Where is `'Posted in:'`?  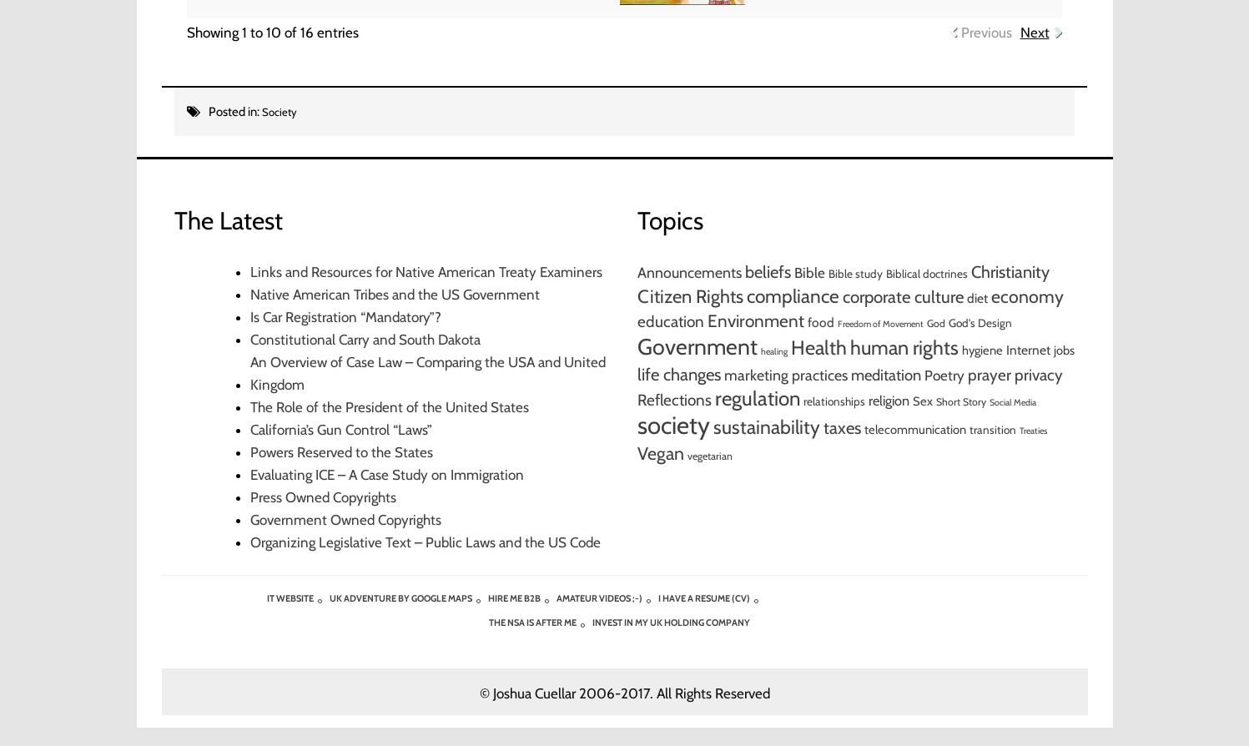 'Posted in:' is located at coordinates (206, 112).